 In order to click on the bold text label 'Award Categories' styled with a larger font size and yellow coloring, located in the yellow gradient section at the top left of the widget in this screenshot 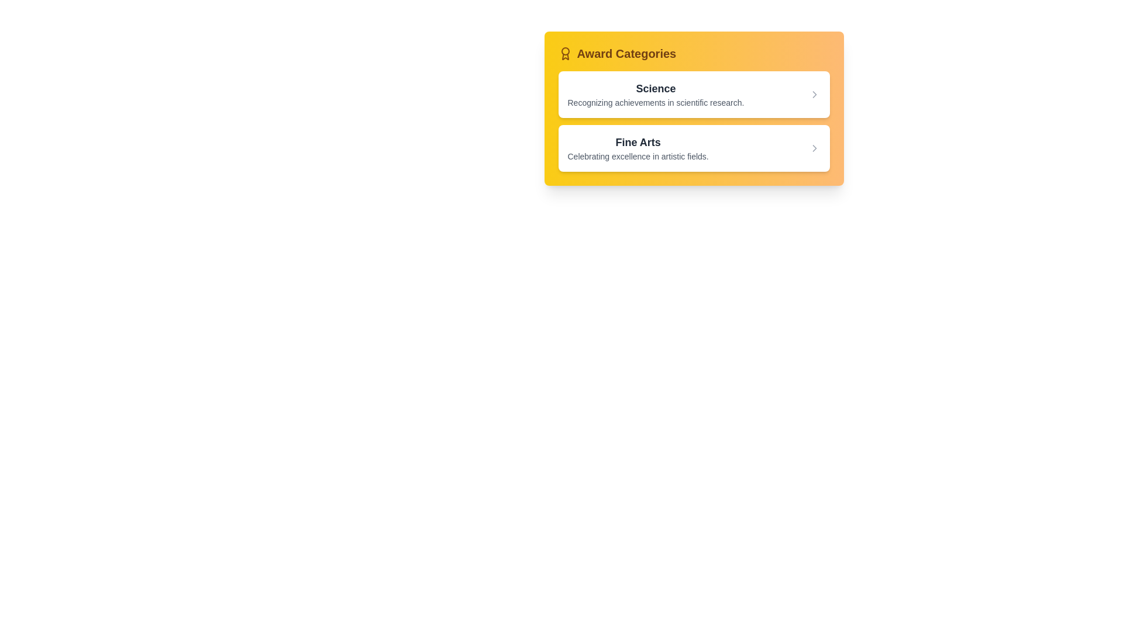, I will do `click(626, 54)`.